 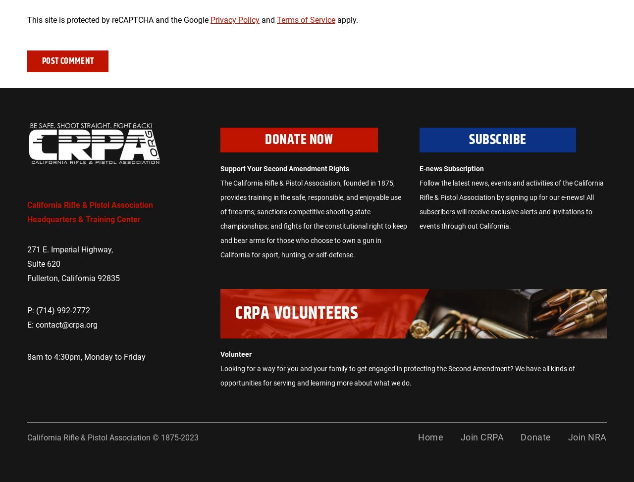 What do you see at coordinates (587, 437) in the screenshot?
I see `'Join NRA'` at bounding box center [587, 437].